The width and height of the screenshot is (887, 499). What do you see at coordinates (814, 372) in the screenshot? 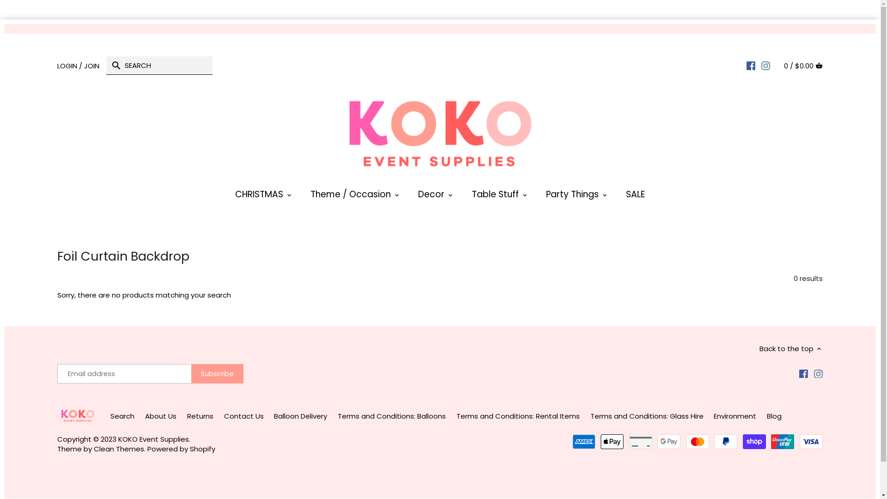
I see `'Instagram'` at bounding box center [814, 372].